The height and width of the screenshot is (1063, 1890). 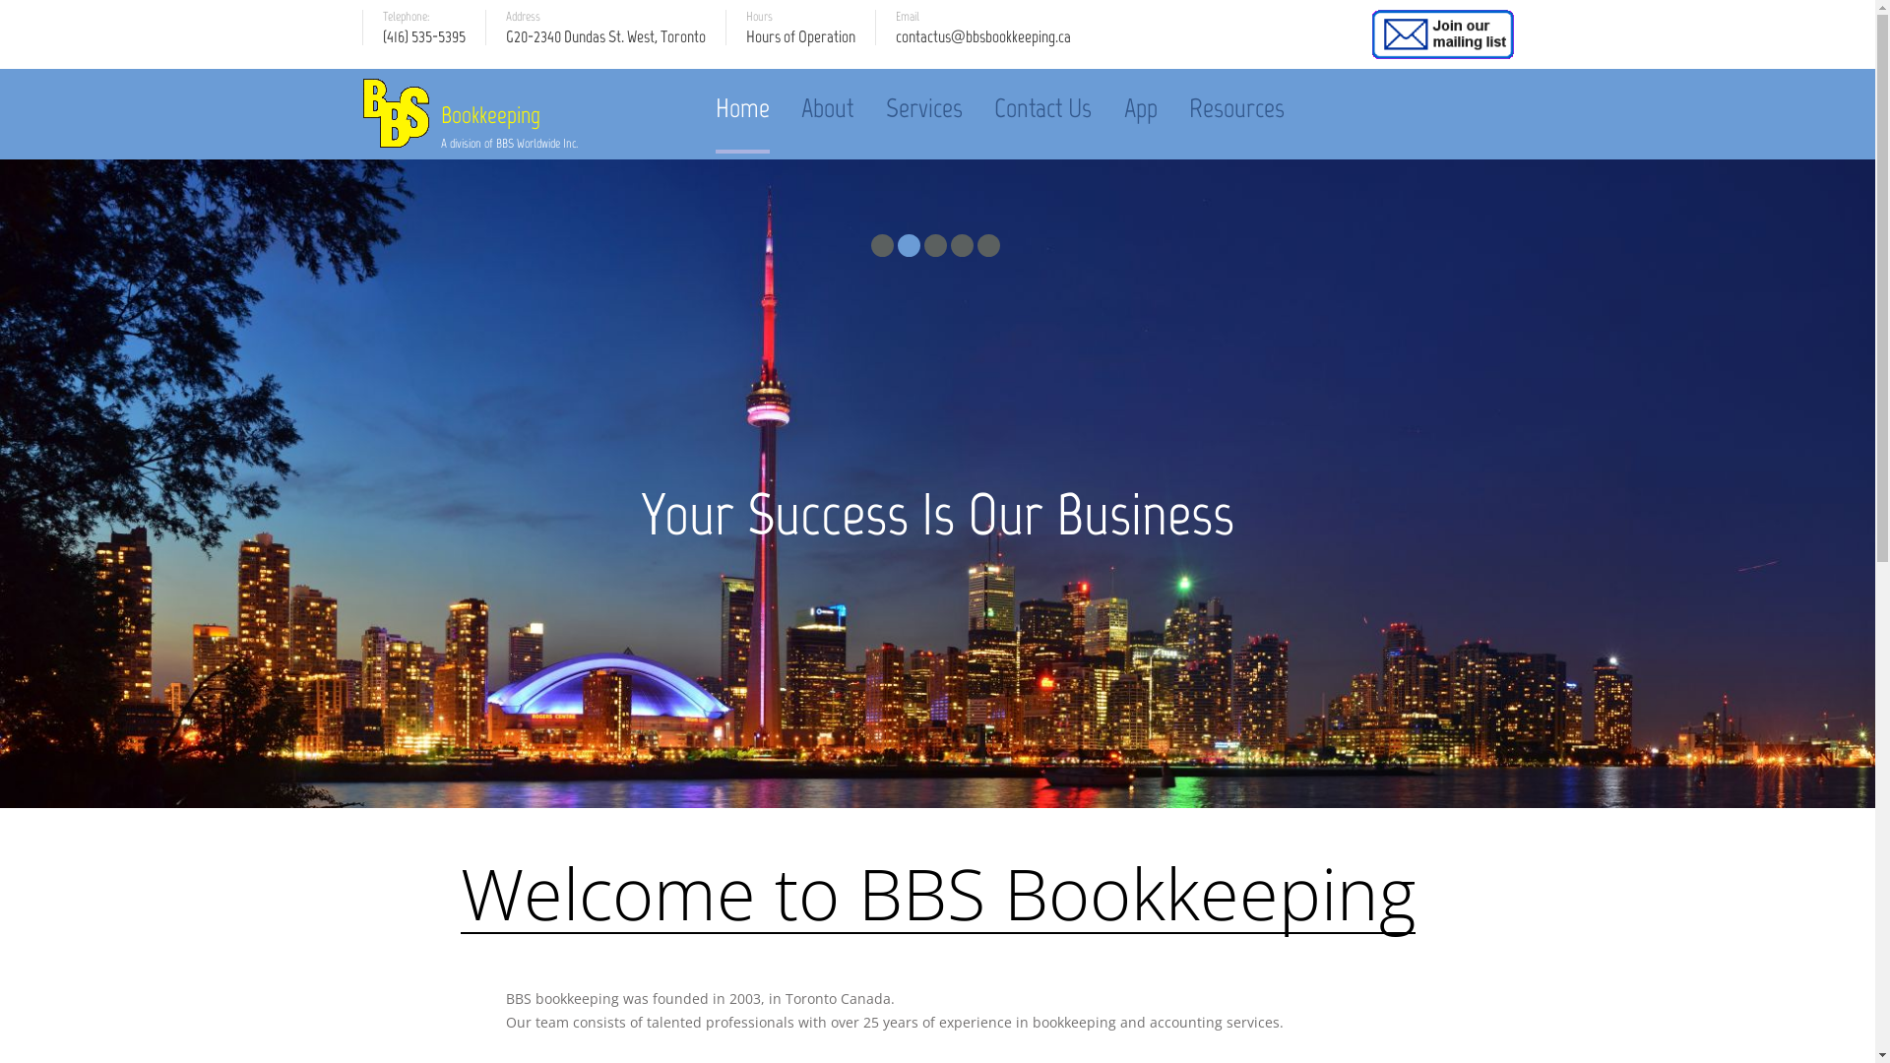 What do you see at coordinates (800, 44) in the screenshot?
I see `'Hours of Operation'` at bounding box center [800, 44].